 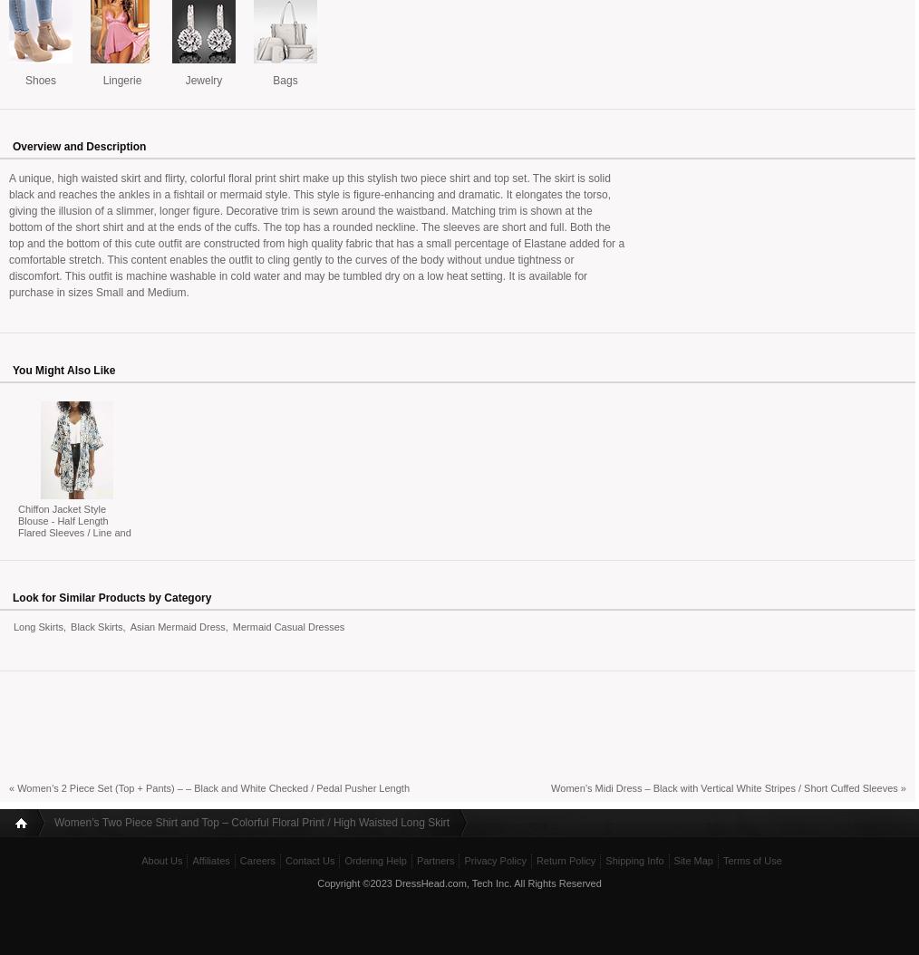 I want to click on 'Asian Mermaid Dress', so click(x=176, y=625).